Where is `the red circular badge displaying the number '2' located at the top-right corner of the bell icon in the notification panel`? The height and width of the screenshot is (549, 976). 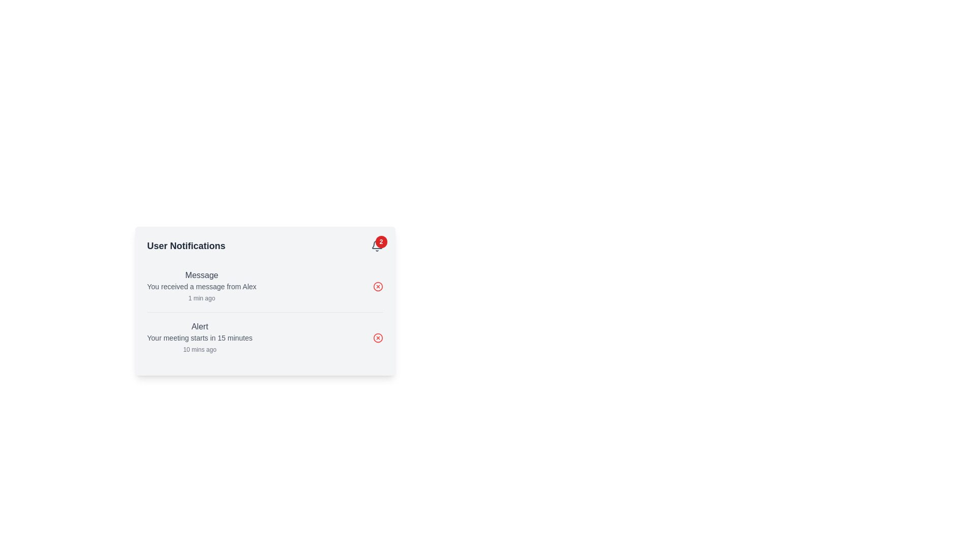 the red circular badge displaying the number '2' located at the top-right corner of the bell icon in the notification panel is located at coordinates (381, 241).